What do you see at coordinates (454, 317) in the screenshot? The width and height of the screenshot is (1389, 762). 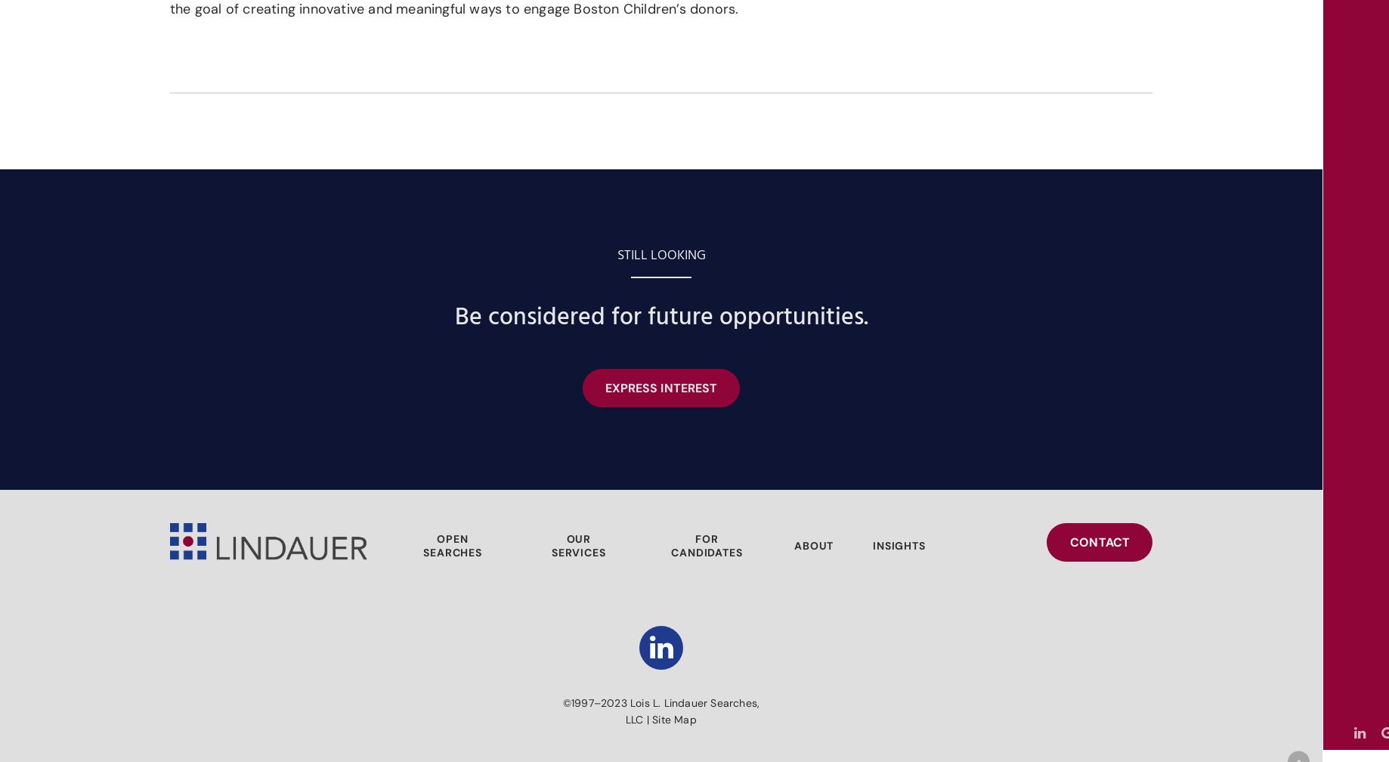 I see `'Be considered for future opportunities.'` at bounding box center [454, 317].